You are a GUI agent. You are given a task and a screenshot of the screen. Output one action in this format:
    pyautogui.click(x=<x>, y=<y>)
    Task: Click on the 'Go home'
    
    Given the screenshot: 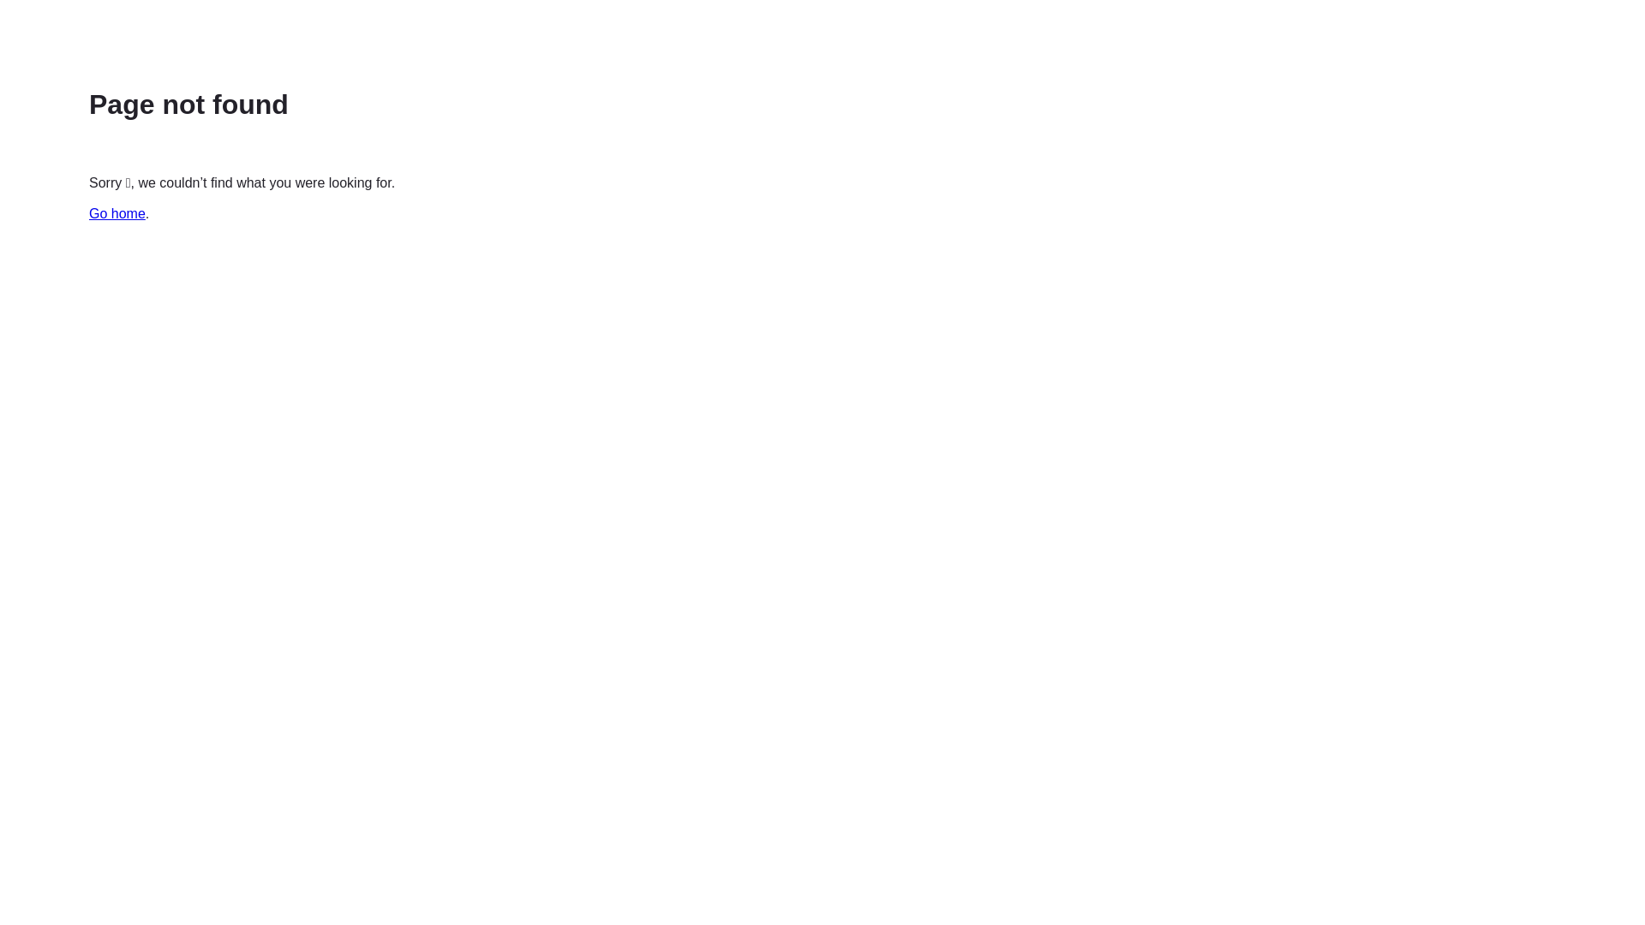 What is the action you would take?
    pyautogui.click(x=117, y=212)
    